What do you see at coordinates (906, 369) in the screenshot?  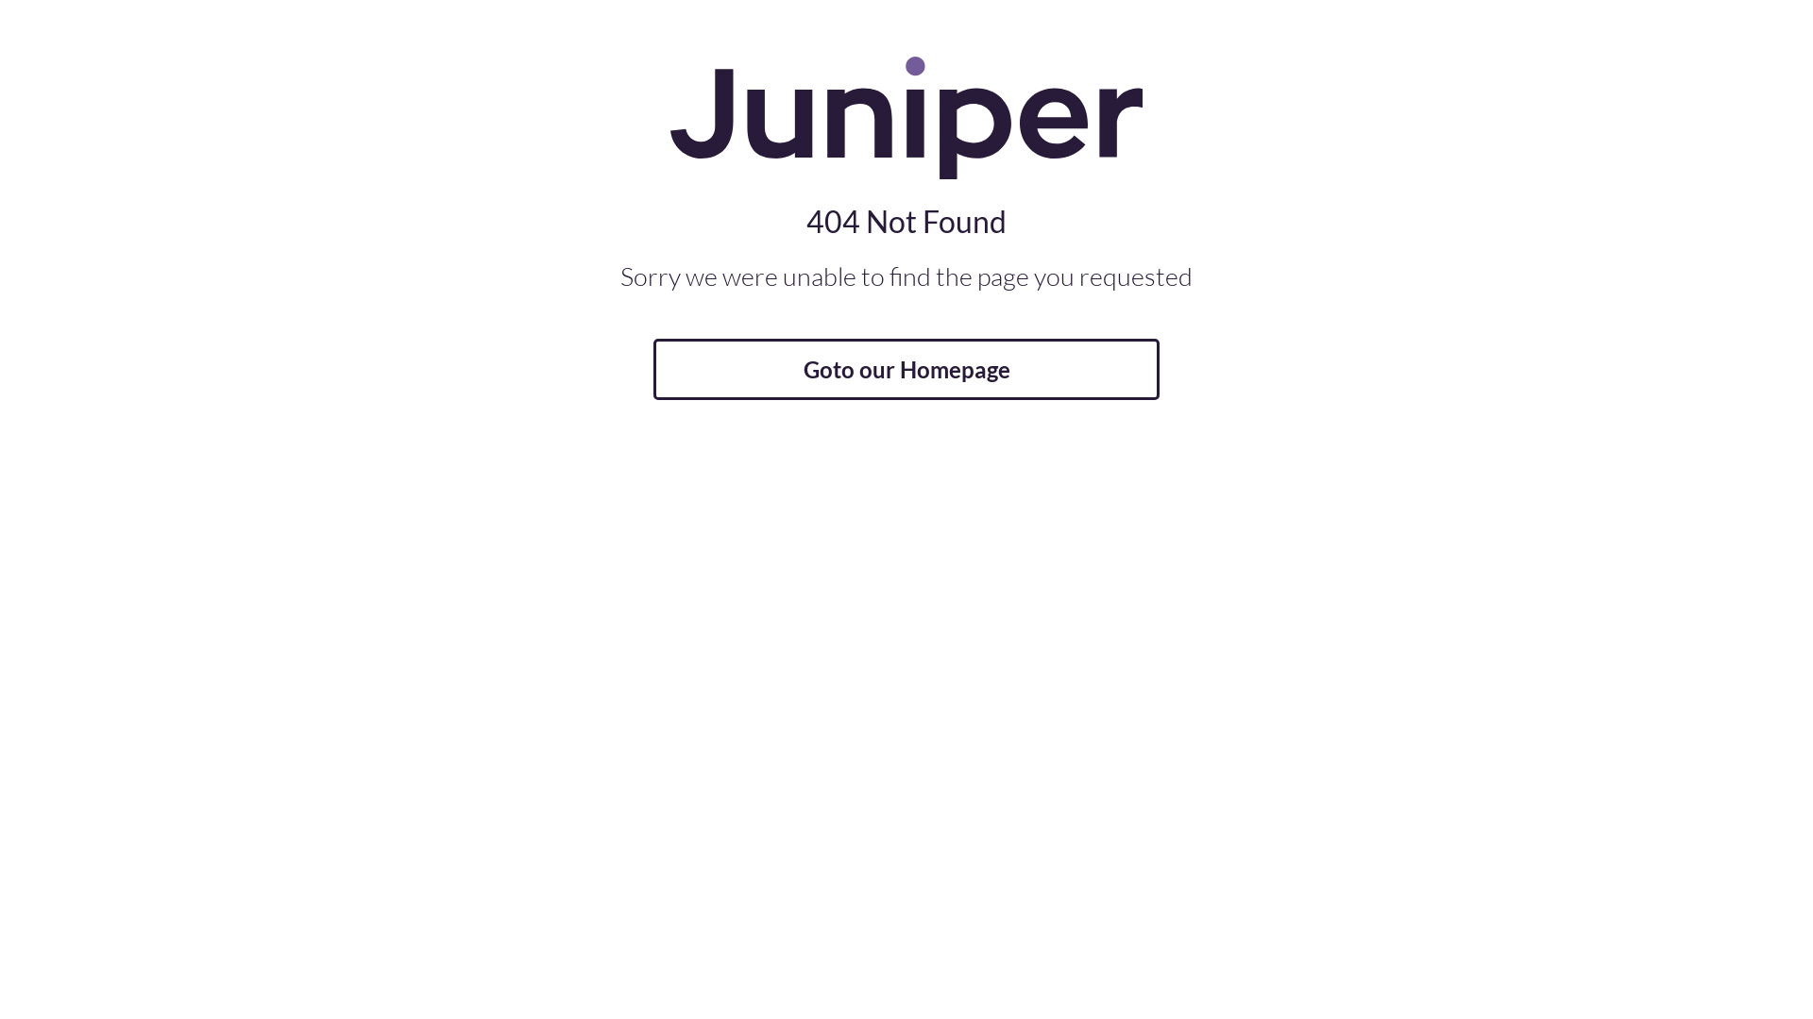 I see `'Goto our Homepage'` at bounding box center [906, 369].